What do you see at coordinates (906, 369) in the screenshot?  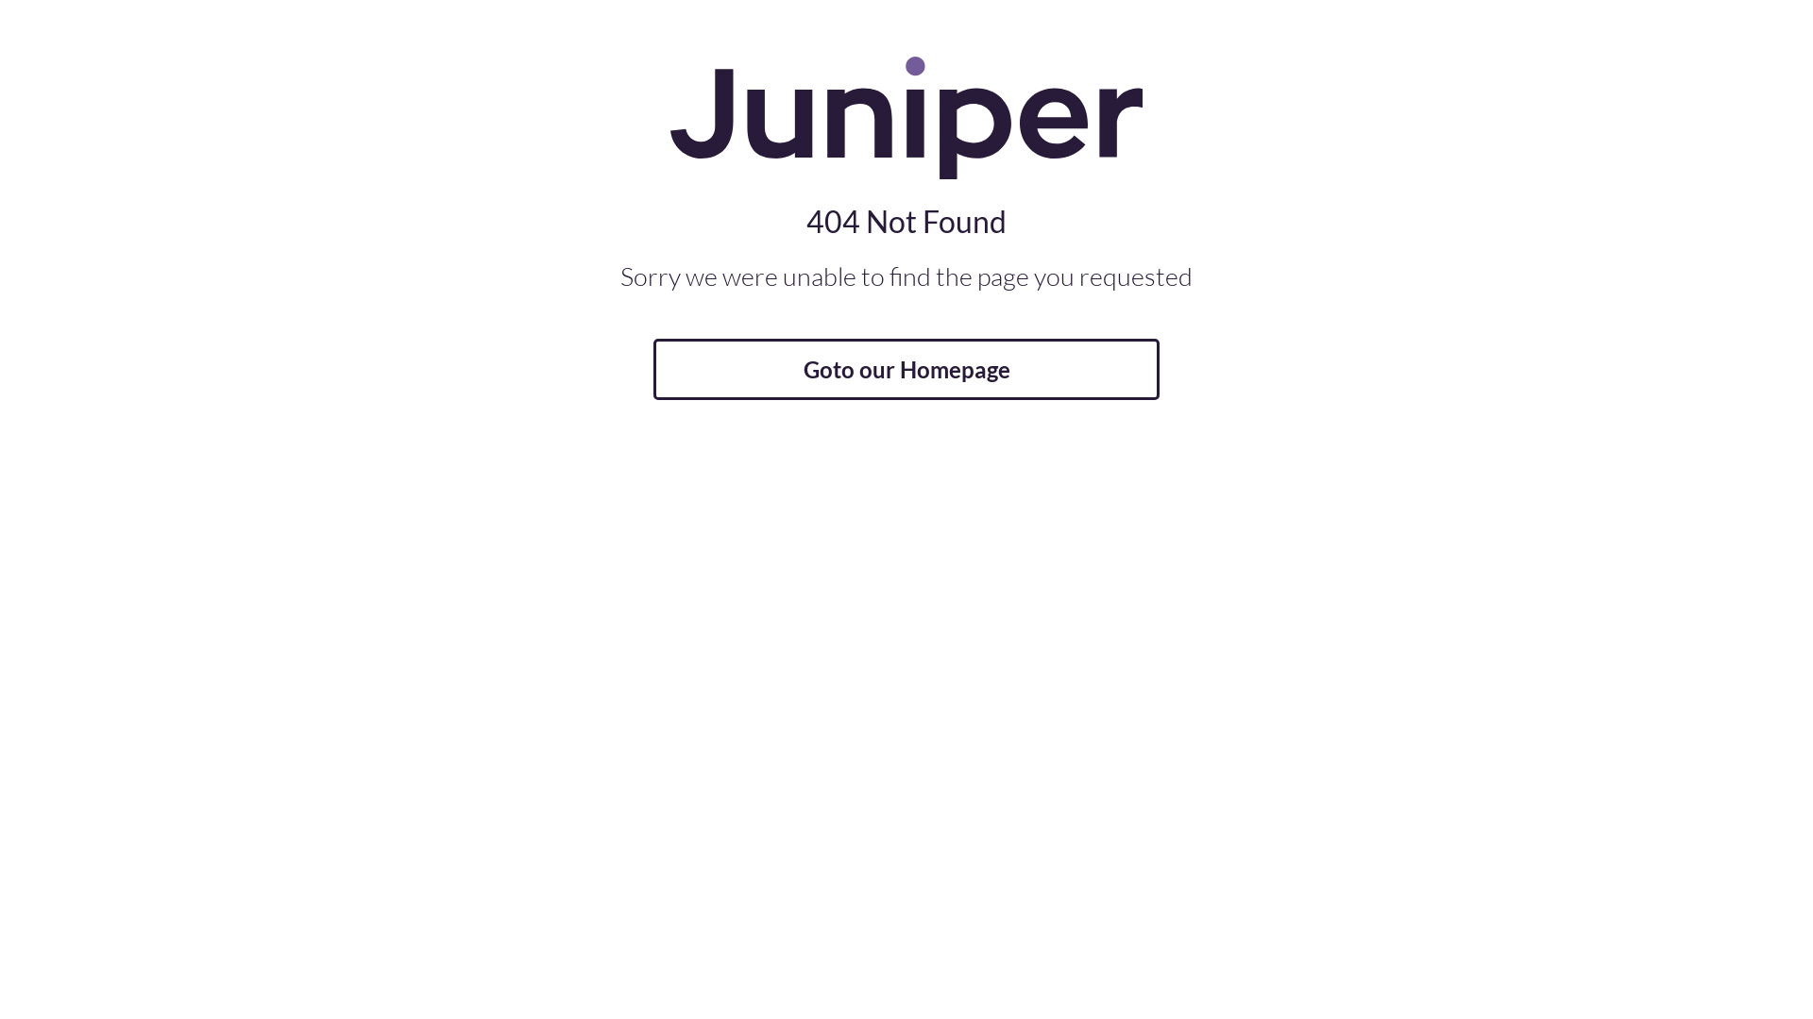 I see `'Goto our Homepage'` at bounding box center [906, 369].